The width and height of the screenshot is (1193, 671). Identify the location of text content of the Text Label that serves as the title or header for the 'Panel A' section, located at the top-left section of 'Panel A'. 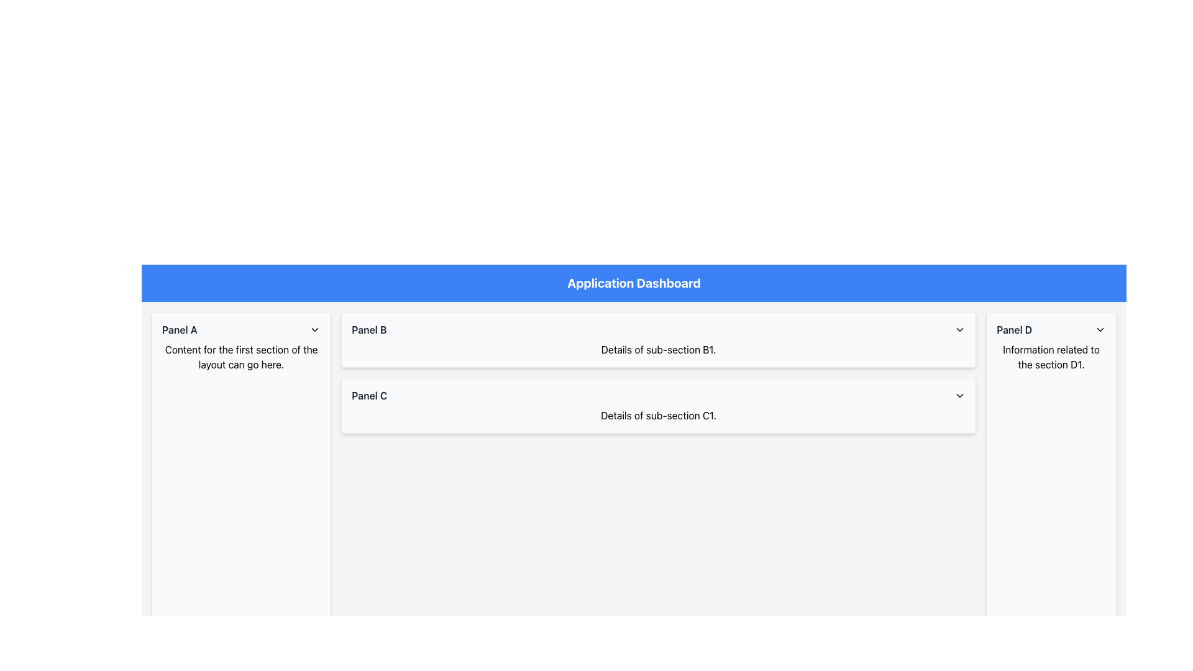
(179, 329).